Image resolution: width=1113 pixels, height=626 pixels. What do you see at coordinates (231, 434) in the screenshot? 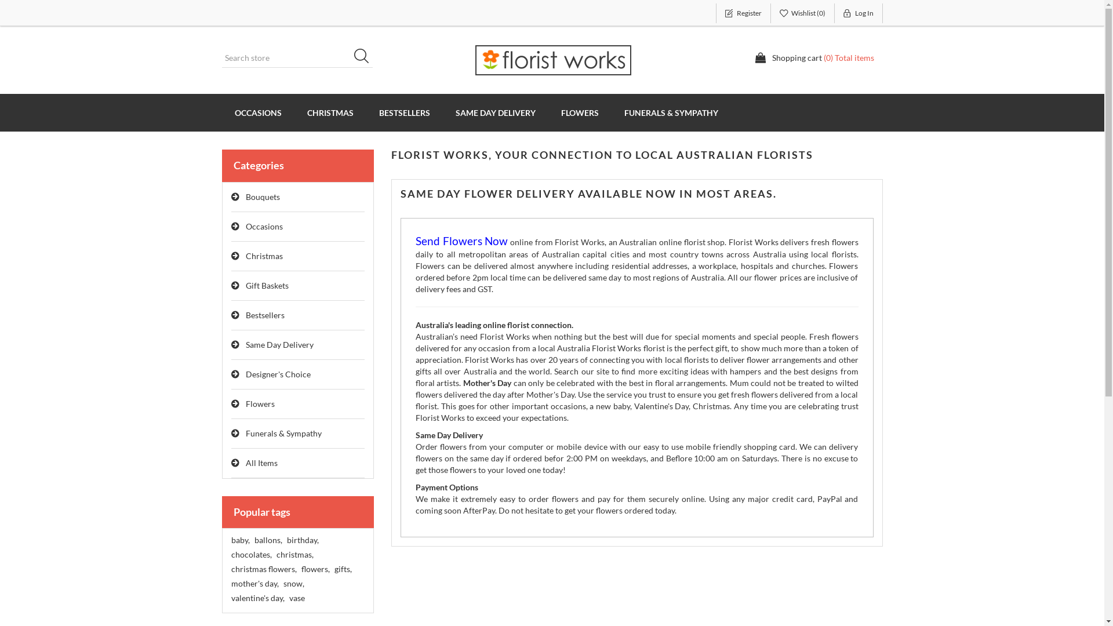
I see `'Funerals & Sympathy'` at bounding box center [231, 434].